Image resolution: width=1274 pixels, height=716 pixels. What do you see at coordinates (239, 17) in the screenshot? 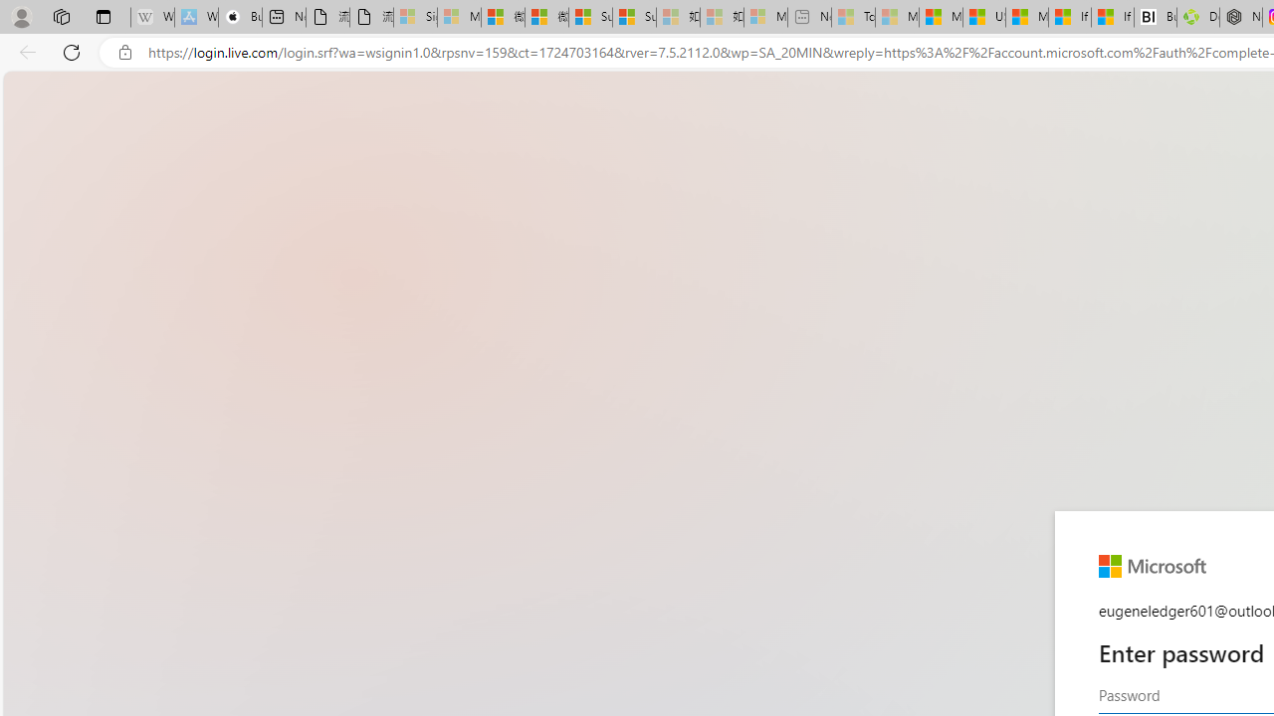
I see `'Buy iPad - Apple'` at bounding box center [239, 17].